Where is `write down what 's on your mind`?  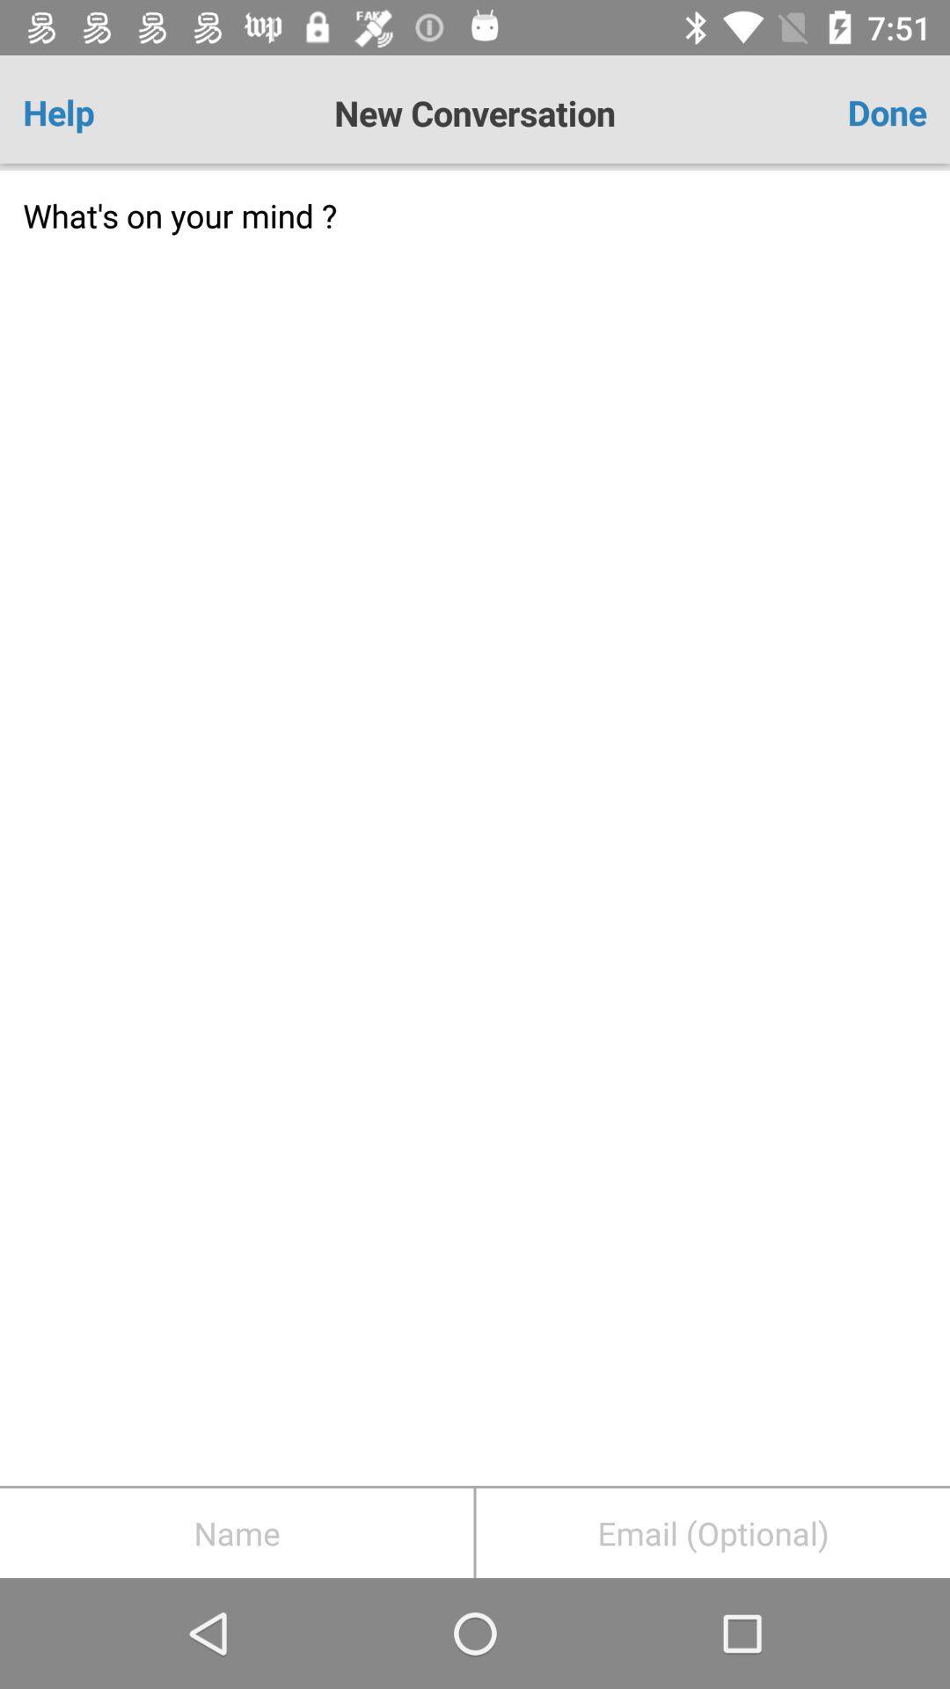 write down what 's on your mind is located at coordinates (475, 827).